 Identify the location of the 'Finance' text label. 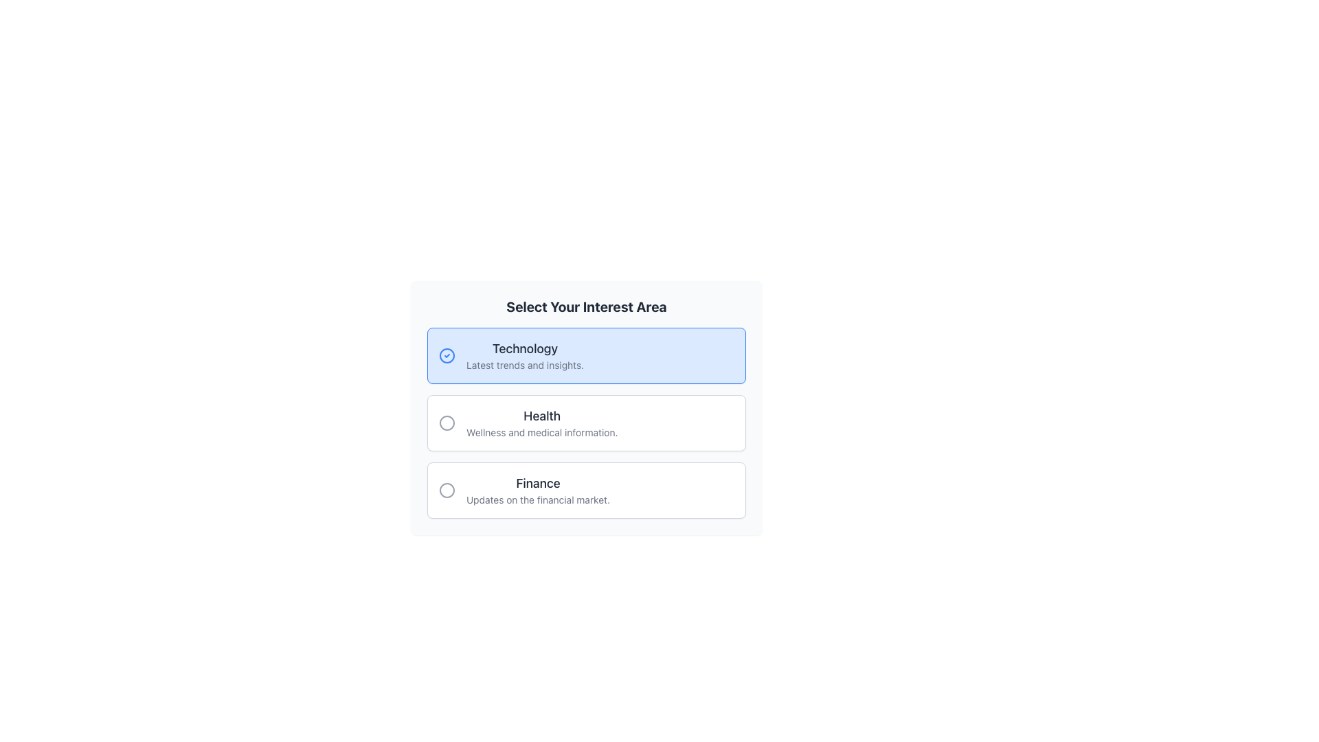
(537, 483).